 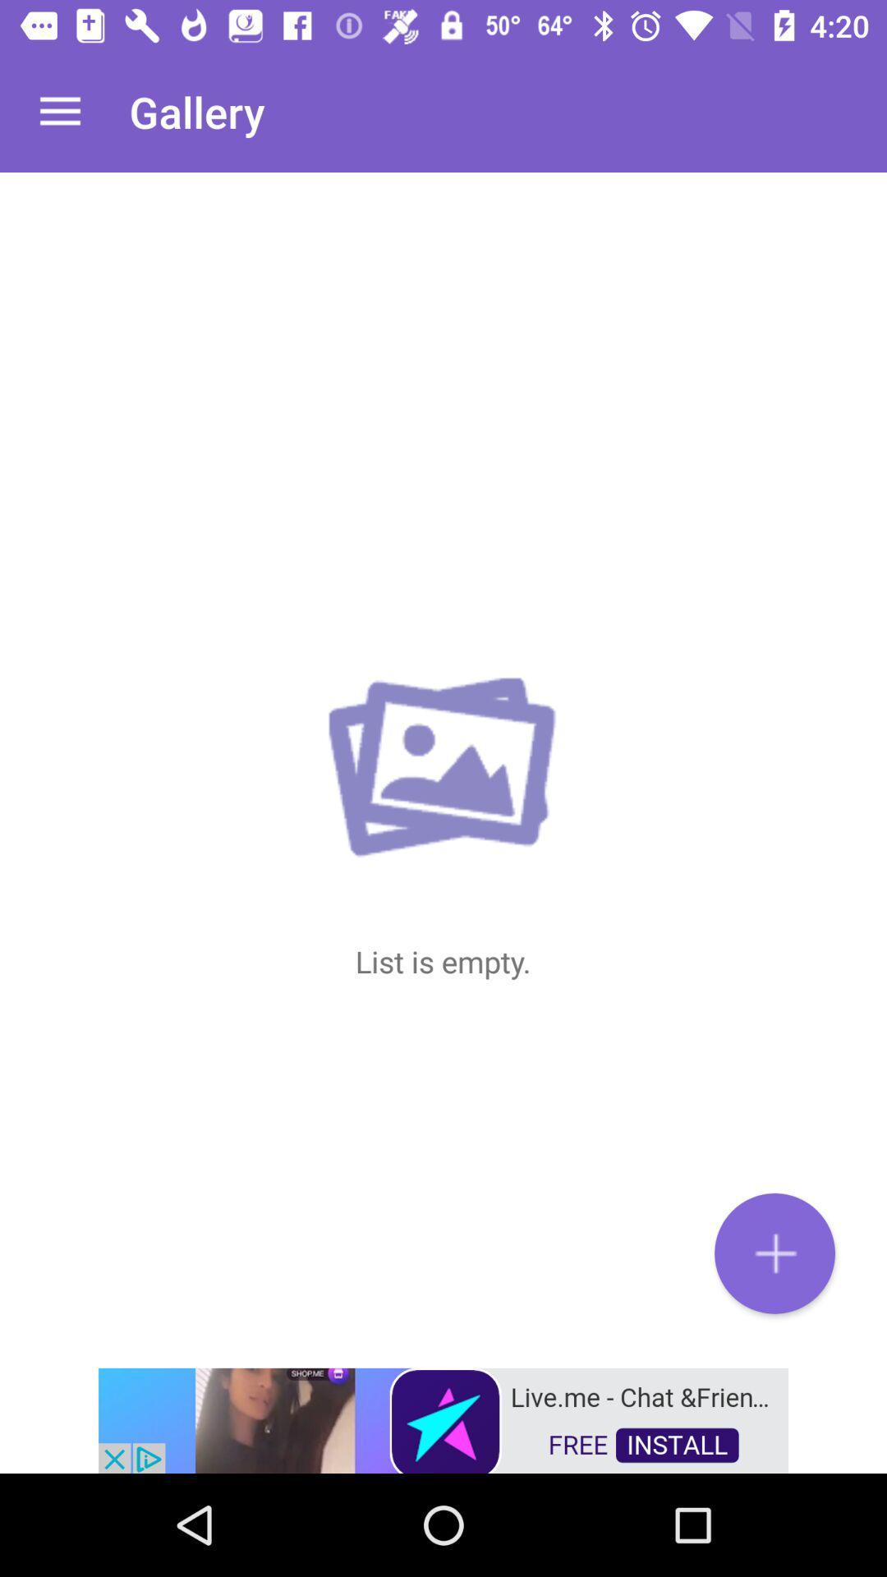 I want to click on advertisement link, so click(x=443, y=1418).